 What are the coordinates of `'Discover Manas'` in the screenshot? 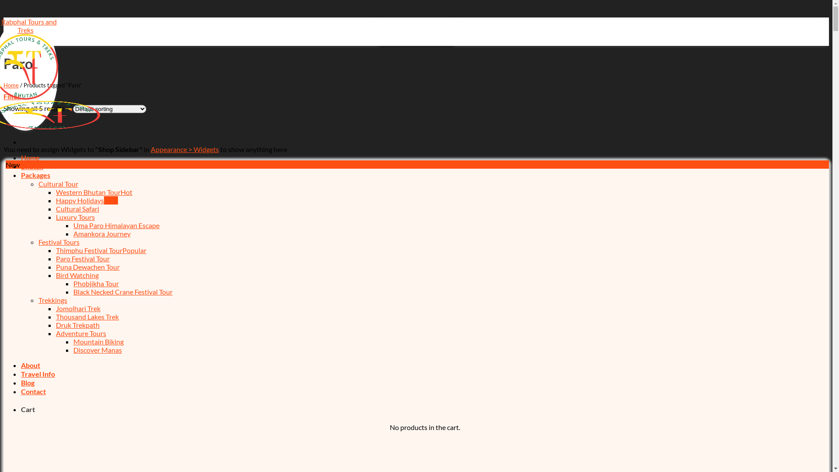 It's located at (97, 349).